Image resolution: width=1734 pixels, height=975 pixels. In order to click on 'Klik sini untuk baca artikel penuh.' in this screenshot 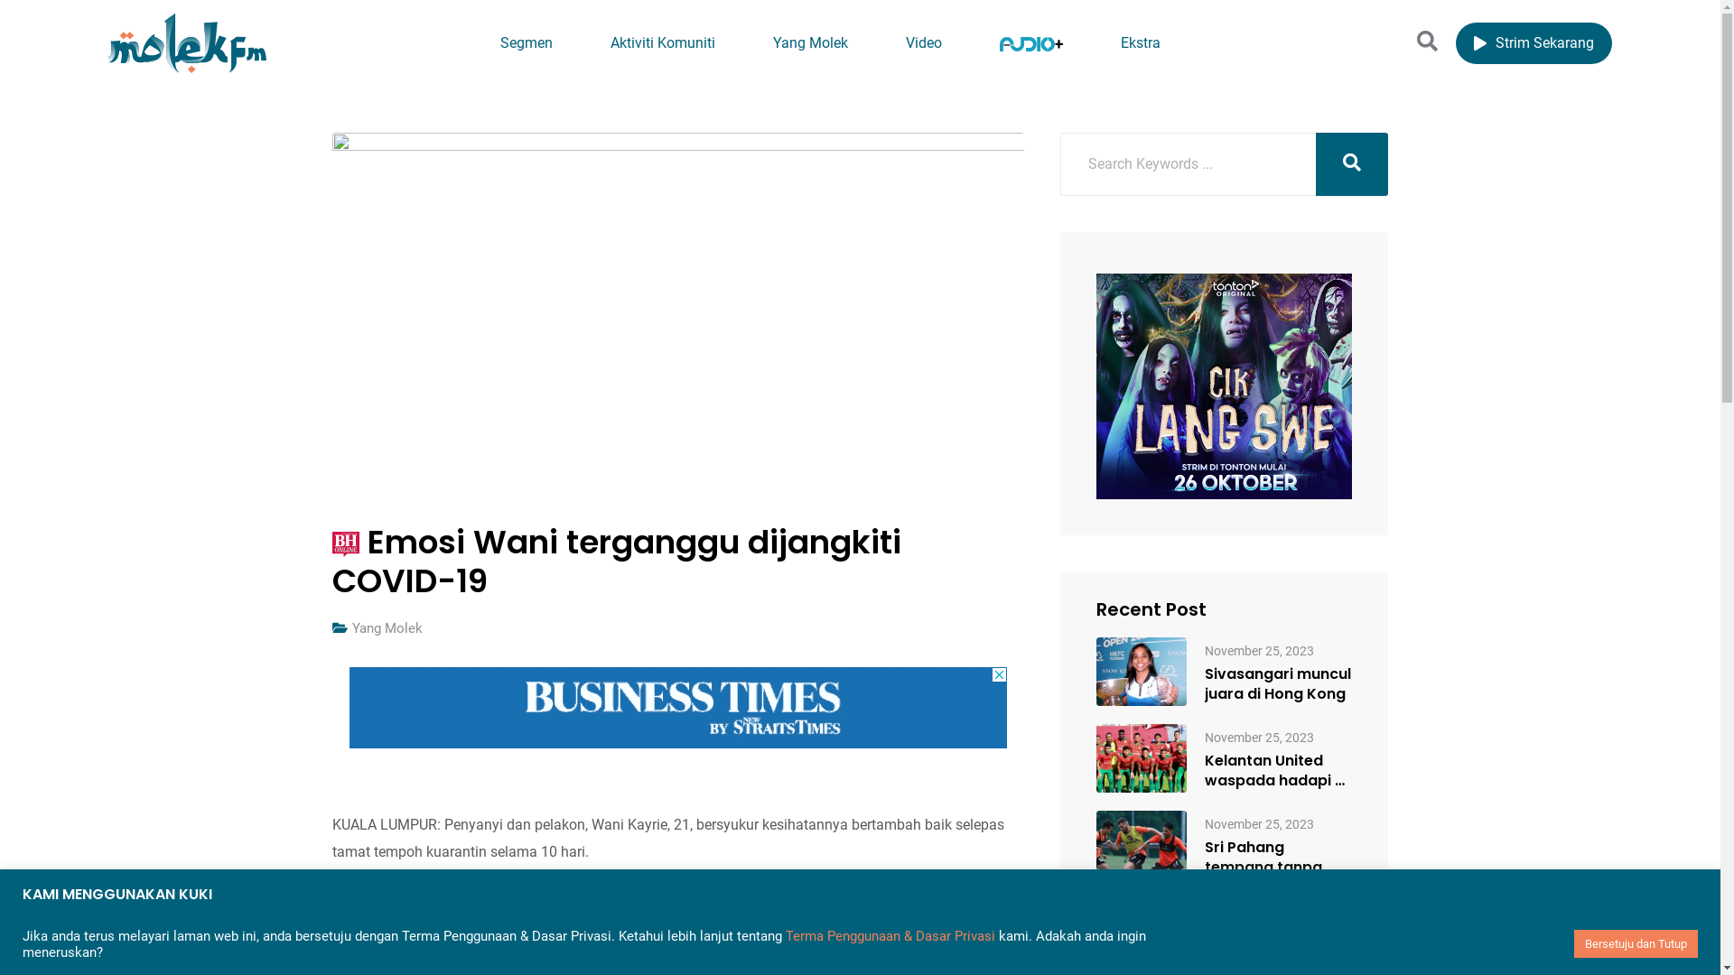, I will do `click(439, 905)`.